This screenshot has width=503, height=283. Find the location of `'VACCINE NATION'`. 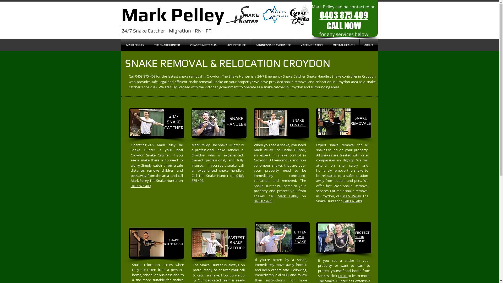

'VACCINE NATION' is located at coordinates (312, 45).